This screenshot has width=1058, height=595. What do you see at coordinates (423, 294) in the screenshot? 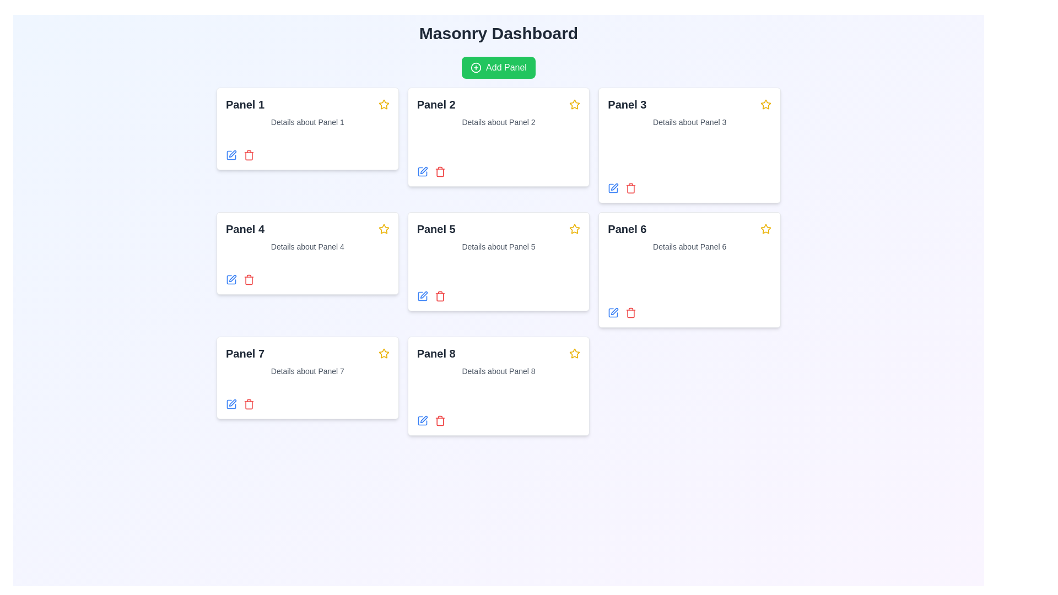
I see `the pen icon` at bounding box center [423, 294].